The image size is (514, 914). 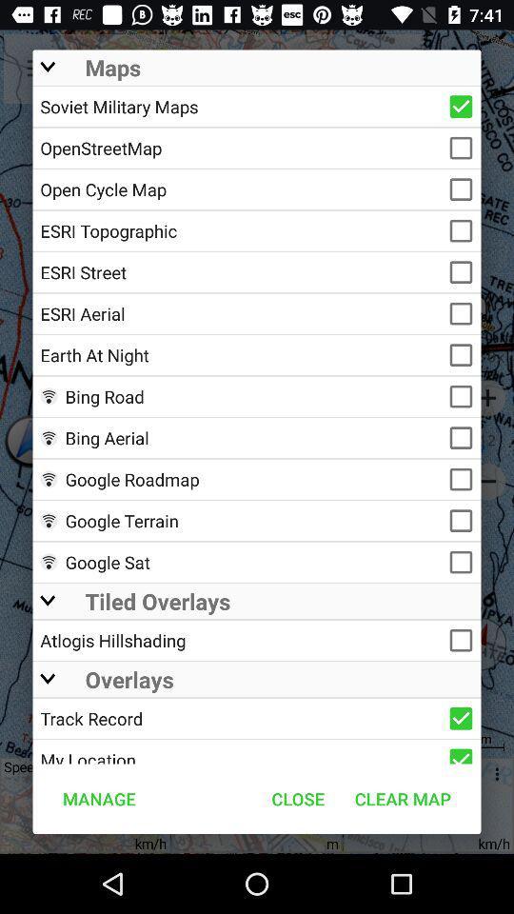 What do you see at coordinates (298, 799) in the screenshot?
I see `the item to the left of clear map item` at bounding box center [298, 799].